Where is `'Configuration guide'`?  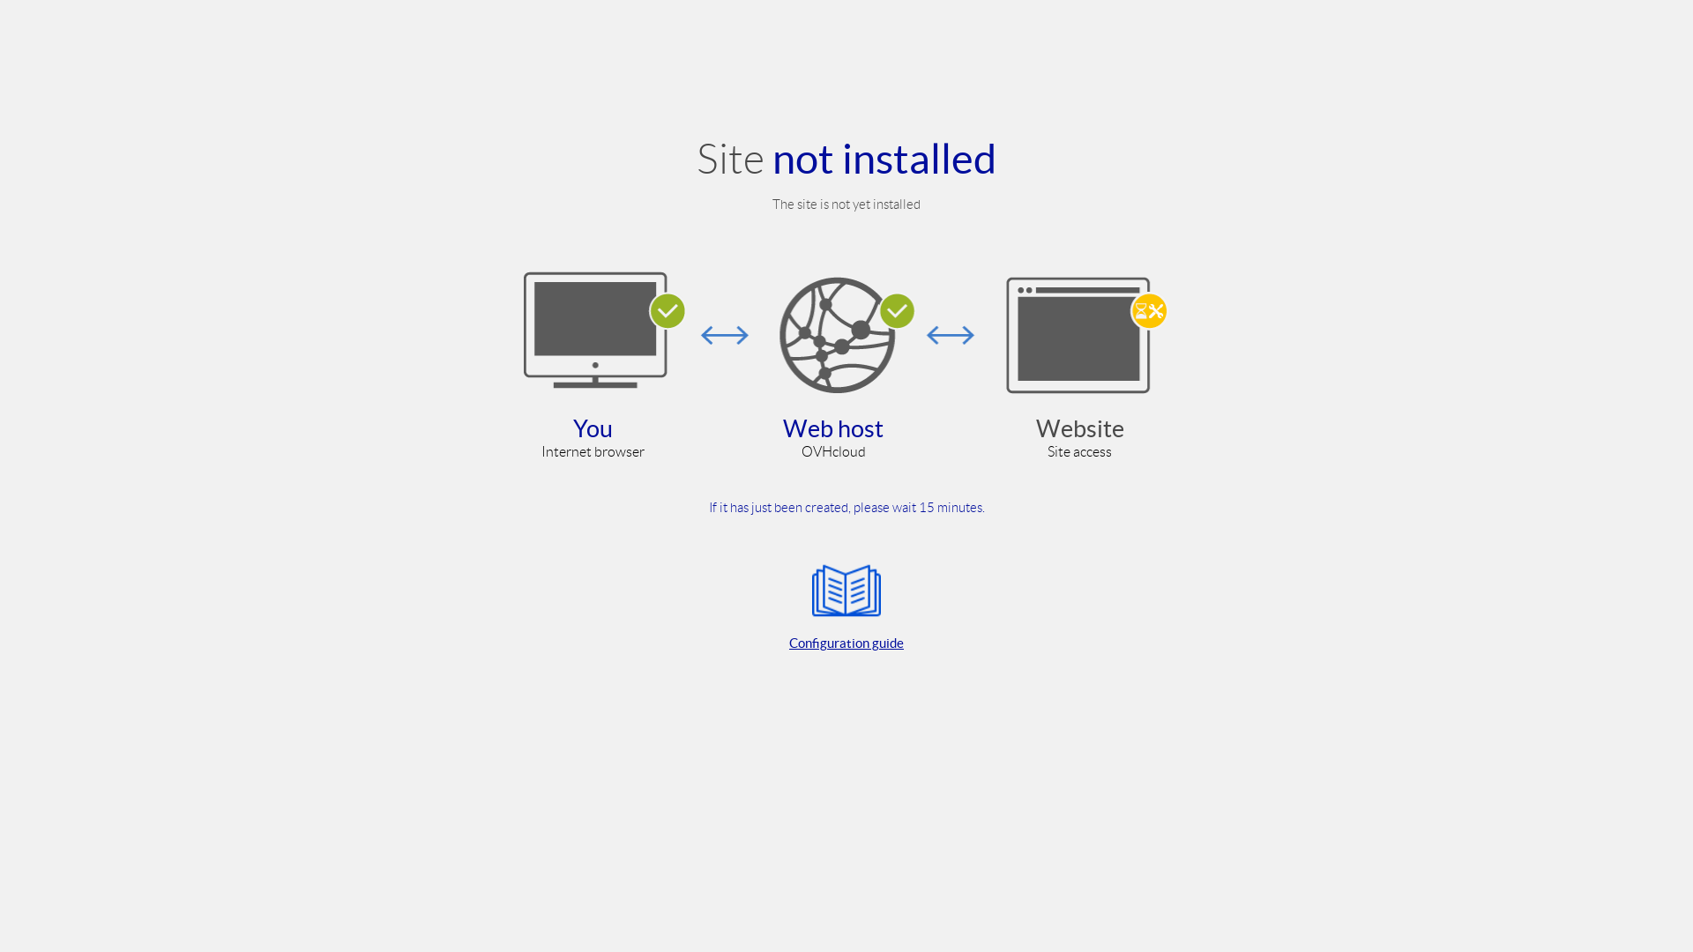 'Configuration guide' is located at coordinates (846, 604).